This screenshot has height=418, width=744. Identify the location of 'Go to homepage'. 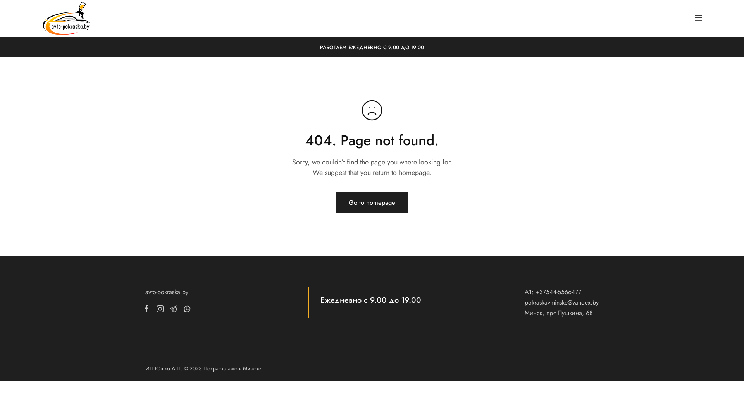
(372, 202).